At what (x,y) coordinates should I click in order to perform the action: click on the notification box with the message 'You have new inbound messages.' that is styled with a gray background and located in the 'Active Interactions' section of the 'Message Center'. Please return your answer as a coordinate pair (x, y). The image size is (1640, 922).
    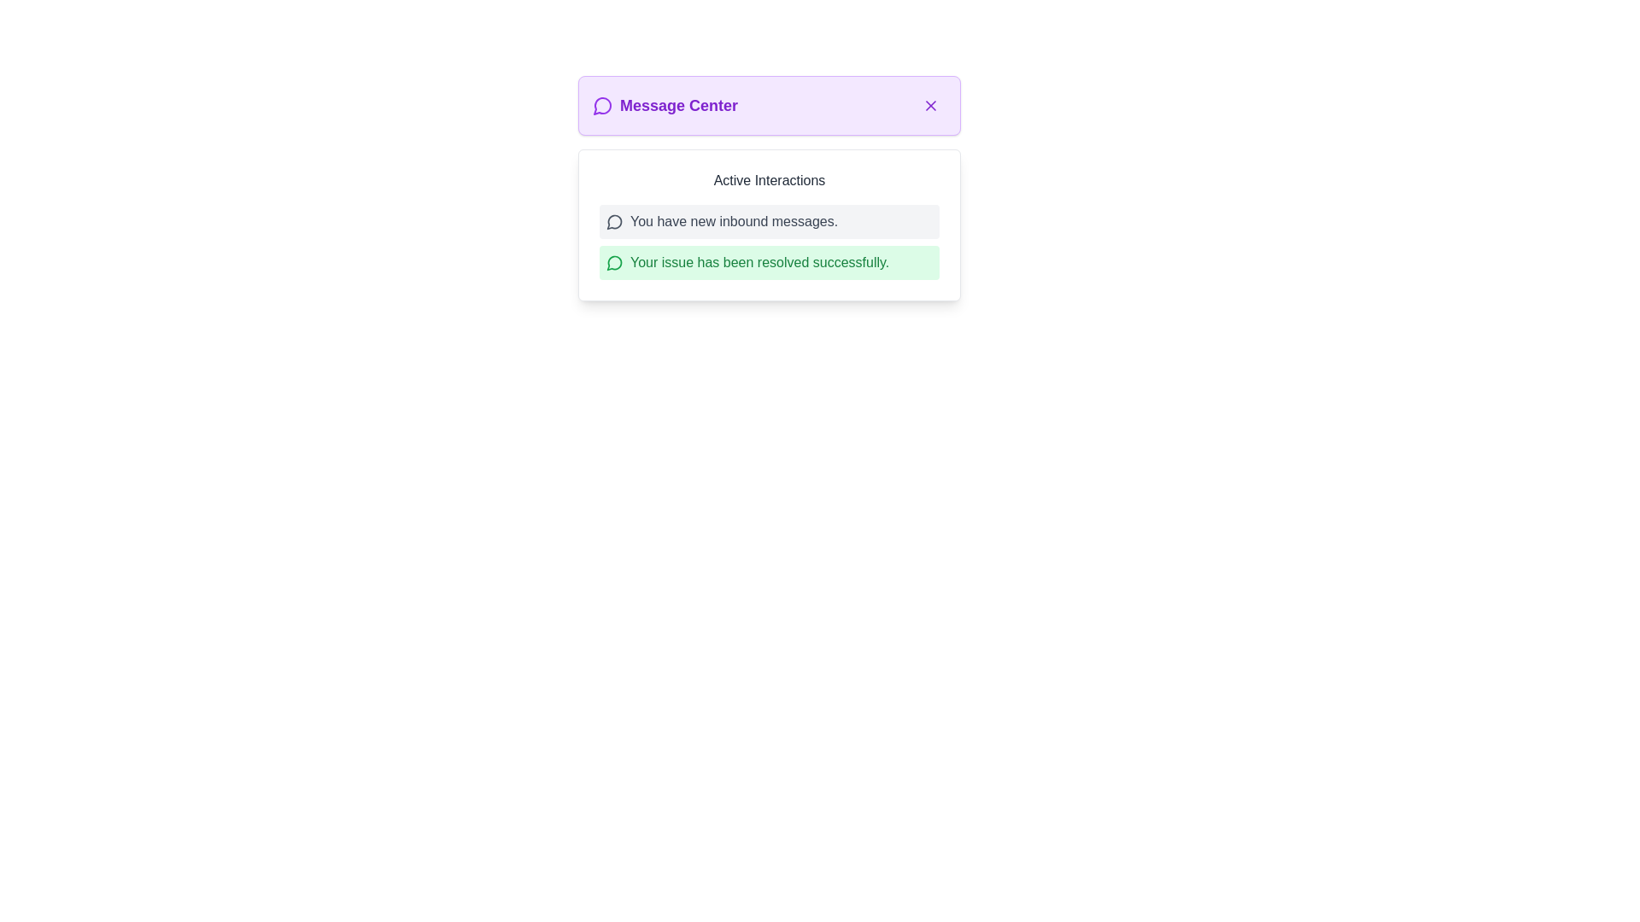
    Looking at the image, I should click on (769, 220).